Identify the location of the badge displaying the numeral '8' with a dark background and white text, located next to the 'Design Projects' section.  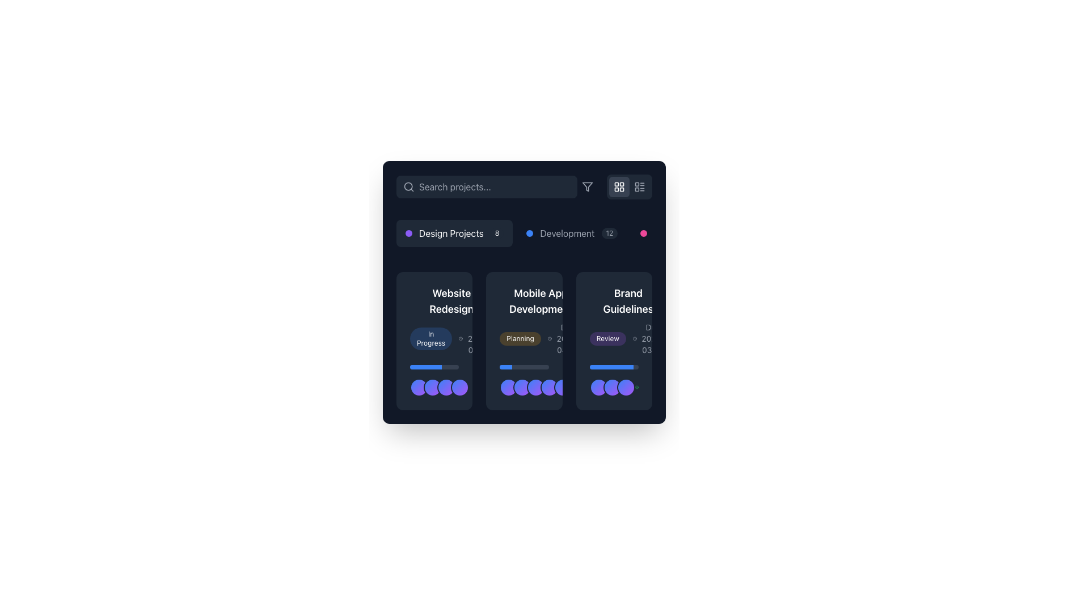
(497, 233).